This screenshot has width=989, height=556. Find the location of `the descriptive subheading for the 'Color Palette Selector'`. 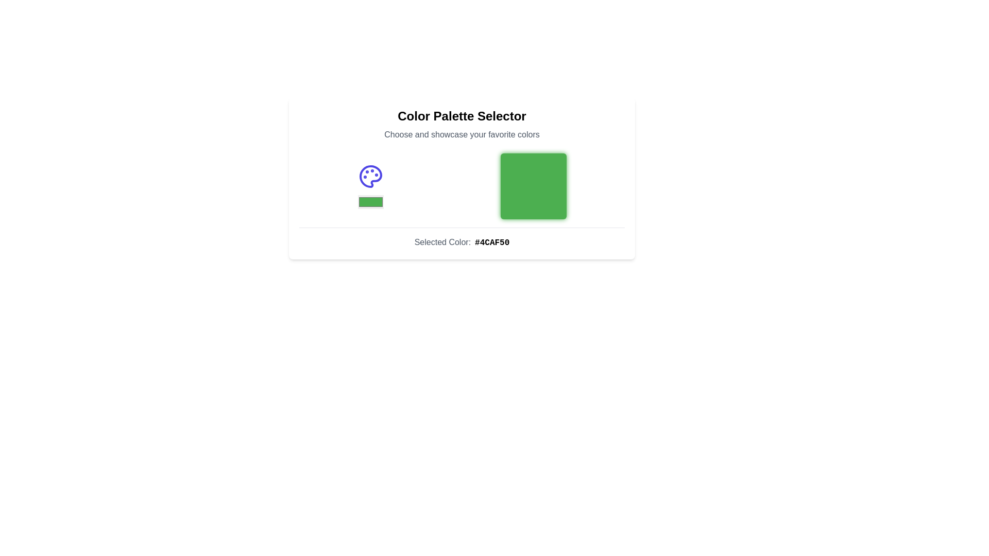

the descriptive subheading for the 'Color Palette Selector' is located at coordinates (462, 134).